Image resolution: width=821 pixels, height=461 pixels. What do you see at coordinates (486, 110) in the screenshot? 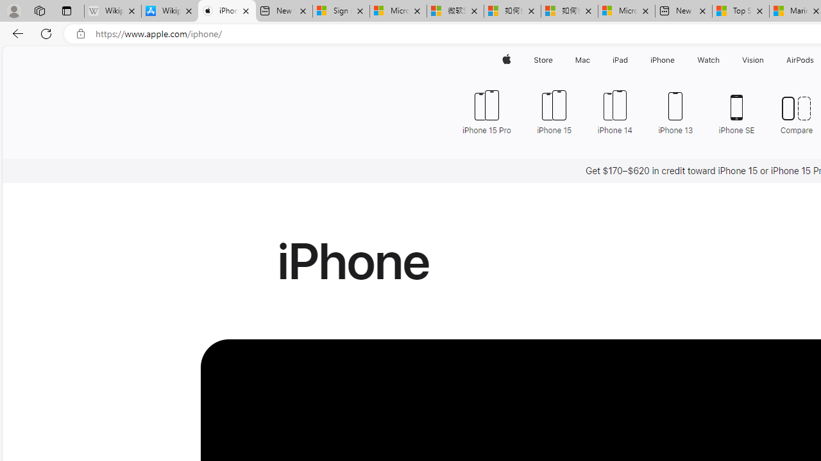
I see `'iPhone 15 Pro'` at bounding box center [486, 110].